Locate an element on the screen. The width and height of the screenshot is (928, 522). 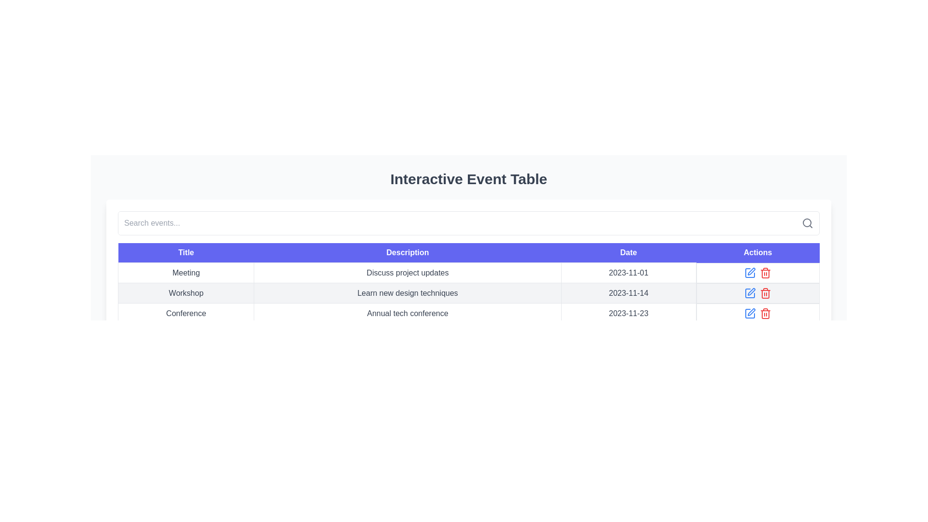
text content of the text block displaying 'Discuss project updates', which is located in the second item of the row labeled 'Meeting' in the 'Interactive Event Table' is located at coordinates (407, 273).